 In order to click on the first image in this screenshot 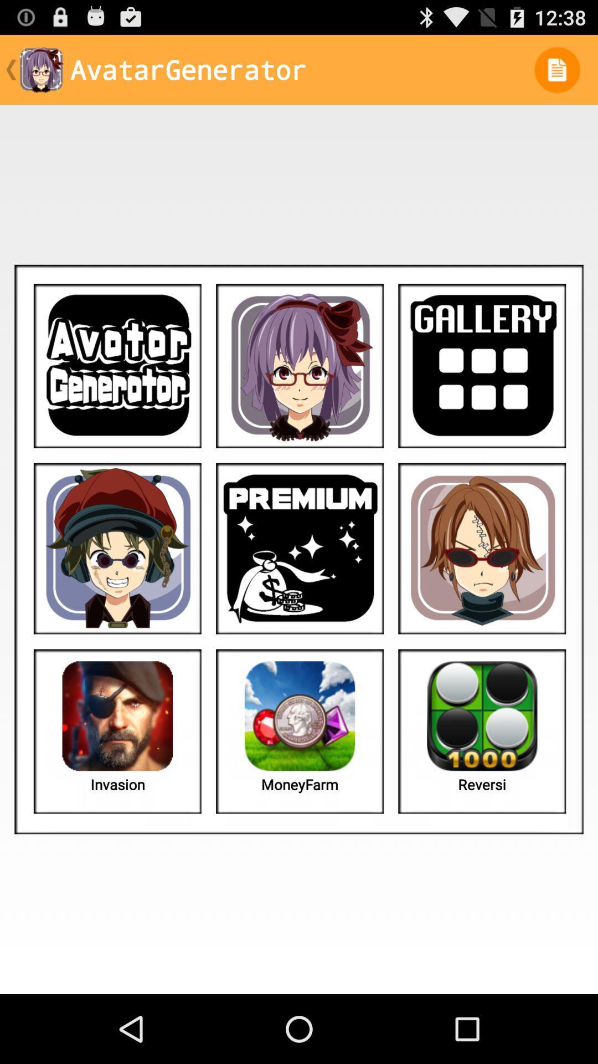, I will do `click(117, 366)`.